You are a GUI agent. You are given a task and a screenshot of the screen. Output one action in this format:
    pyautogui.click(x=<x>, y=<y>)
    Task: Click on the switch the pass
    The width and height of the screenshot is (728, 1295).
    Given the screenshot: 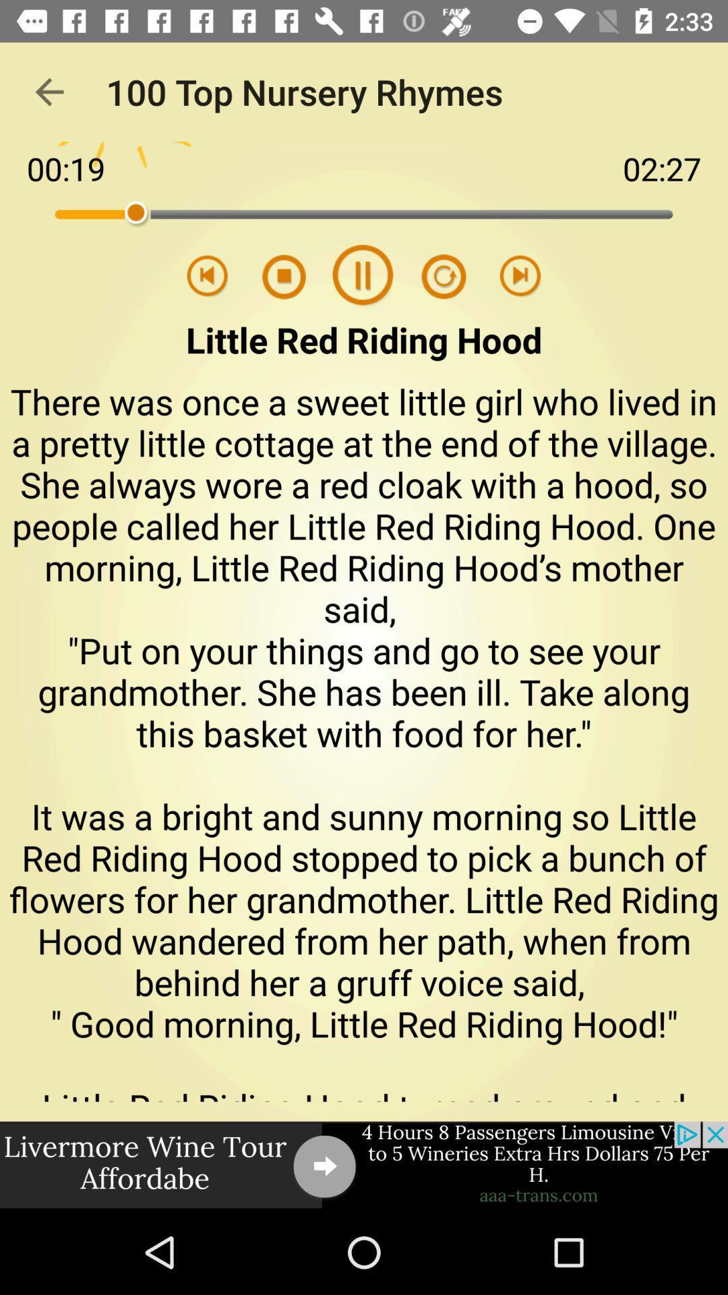 What is the action you would take?
    pyautogui.click(x=292, y=276)
    